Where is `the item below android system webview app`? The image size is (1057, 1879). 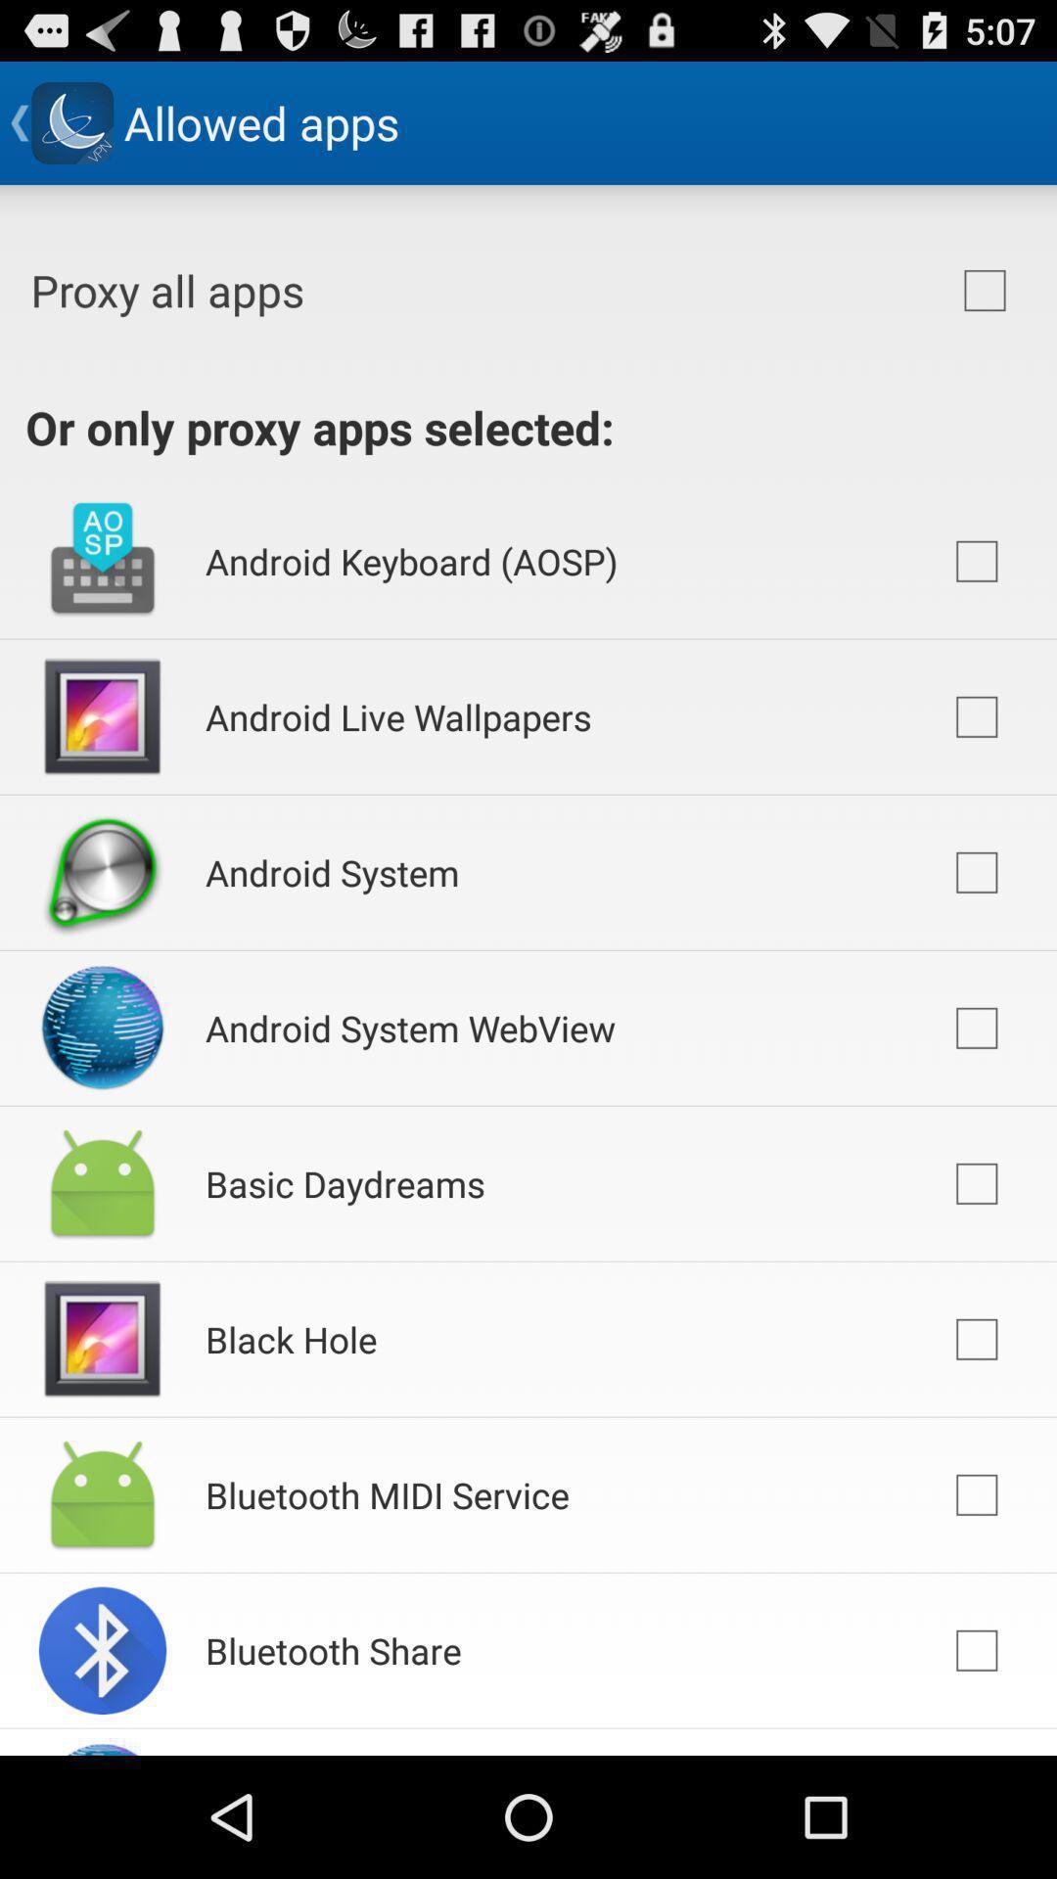
the item below android system webview app is located at coordinates (344, 1182).